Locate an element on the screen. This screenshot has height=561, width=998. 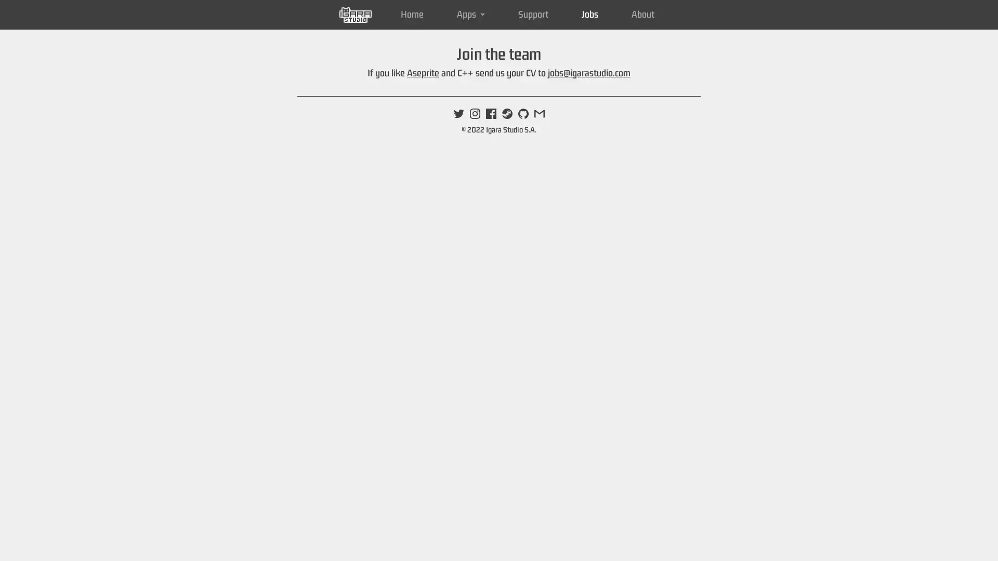
Apps is located at coordinates (470, 14).